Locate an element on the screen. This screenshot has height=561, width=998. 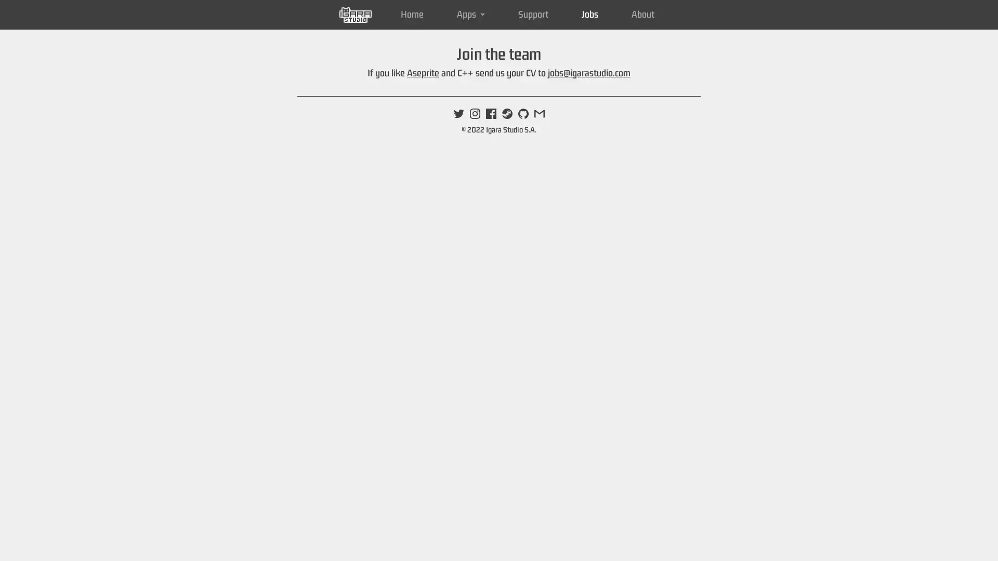
Apps is located at coordinates (470, 14).